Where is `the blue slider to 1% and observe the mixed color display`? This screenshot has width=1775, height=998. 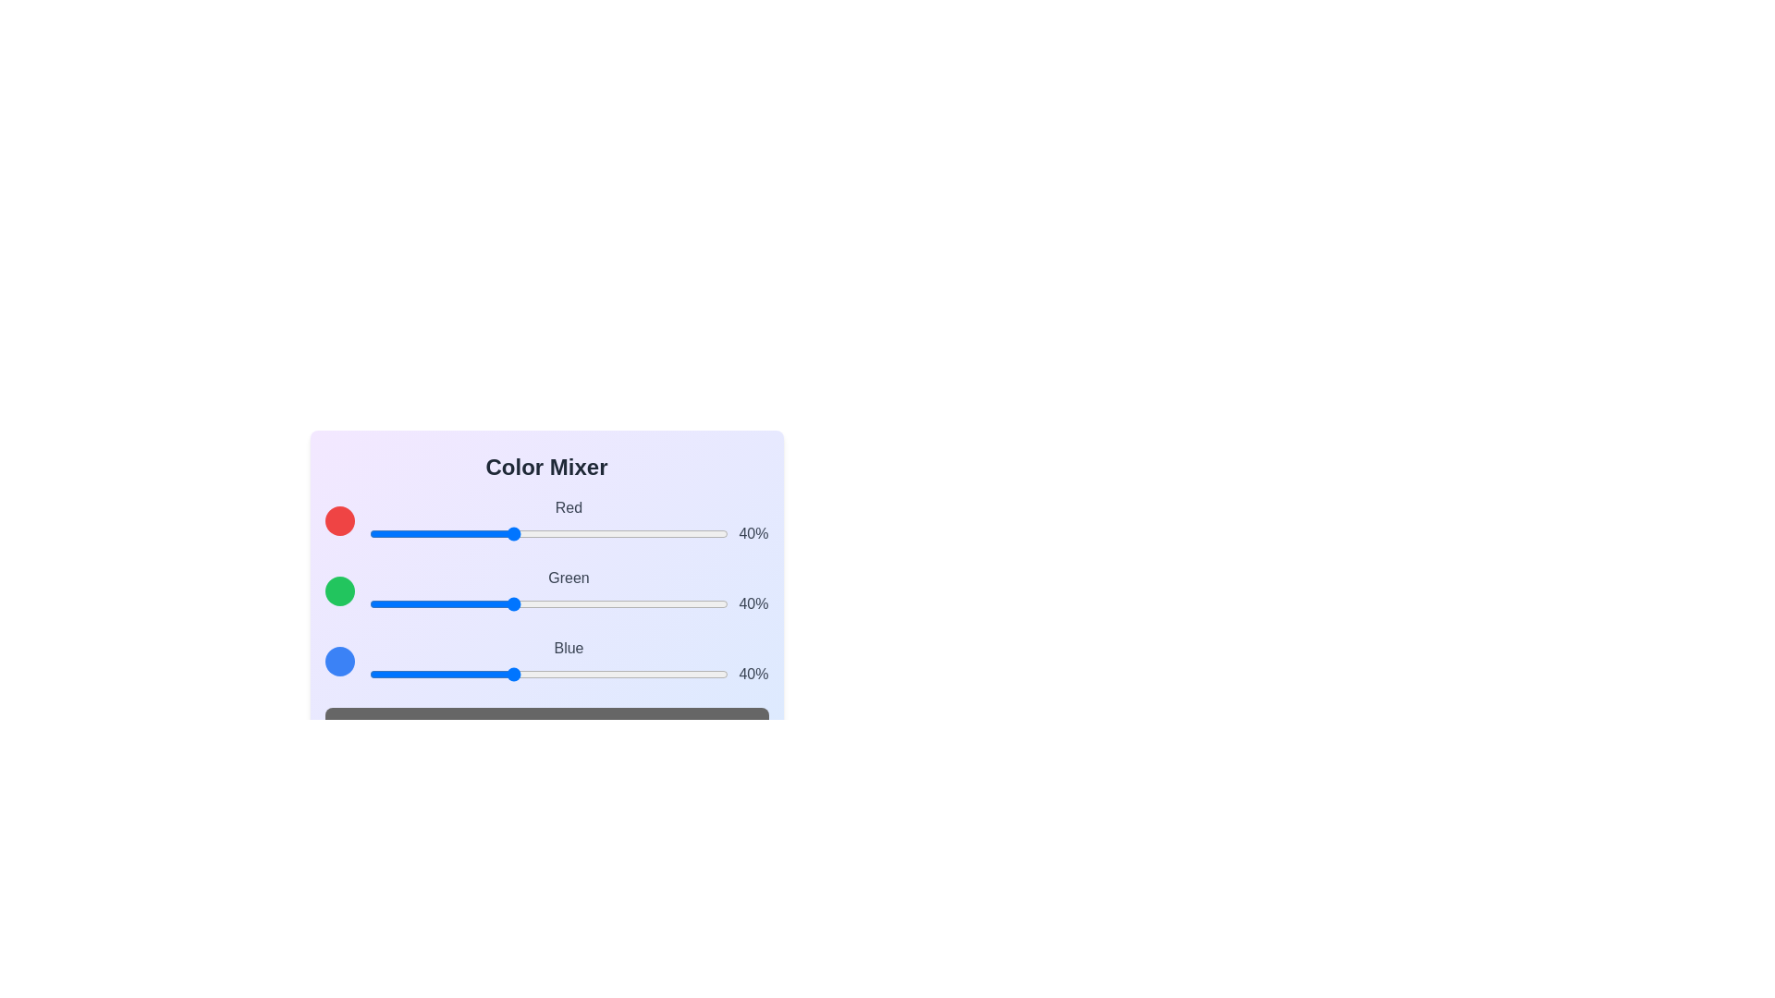 the blue slider to 1% and observe the mixed color display is located at coordinates (372, 674).